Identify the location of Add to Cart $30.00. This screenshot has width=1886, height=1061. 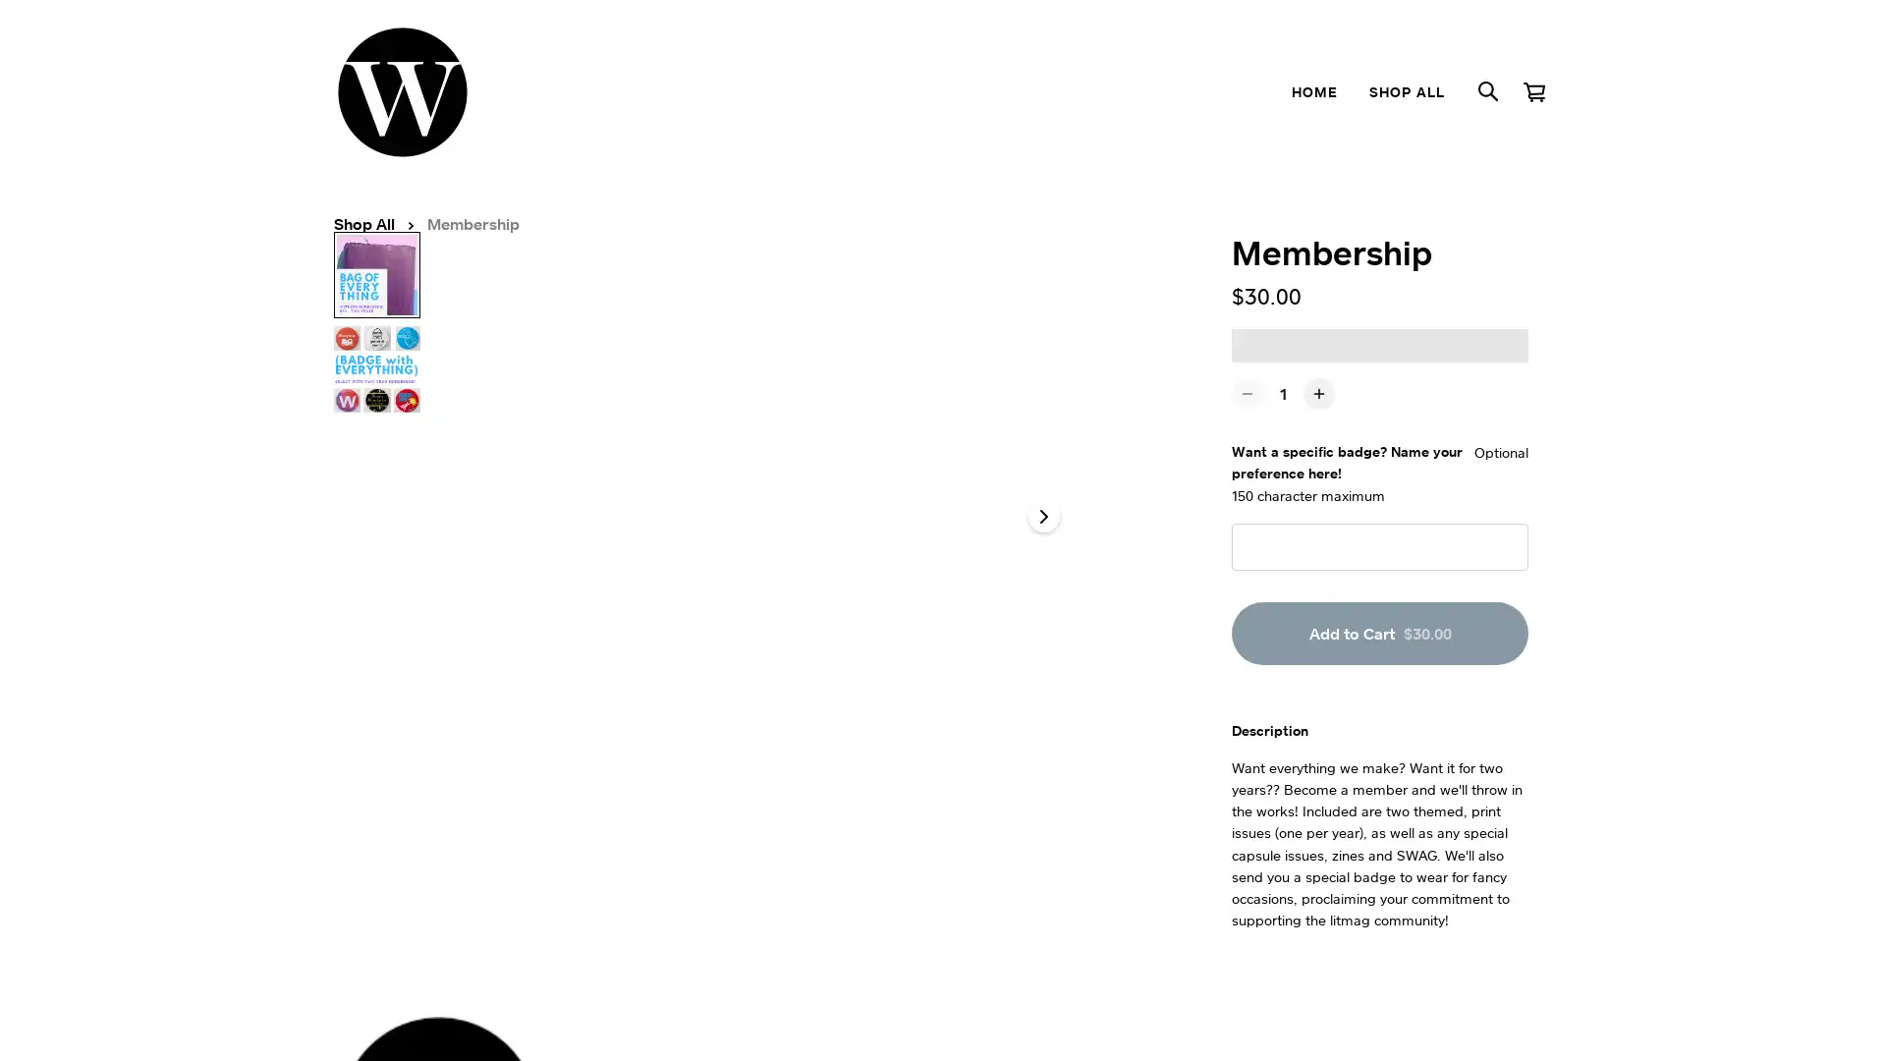
(1379, 658).